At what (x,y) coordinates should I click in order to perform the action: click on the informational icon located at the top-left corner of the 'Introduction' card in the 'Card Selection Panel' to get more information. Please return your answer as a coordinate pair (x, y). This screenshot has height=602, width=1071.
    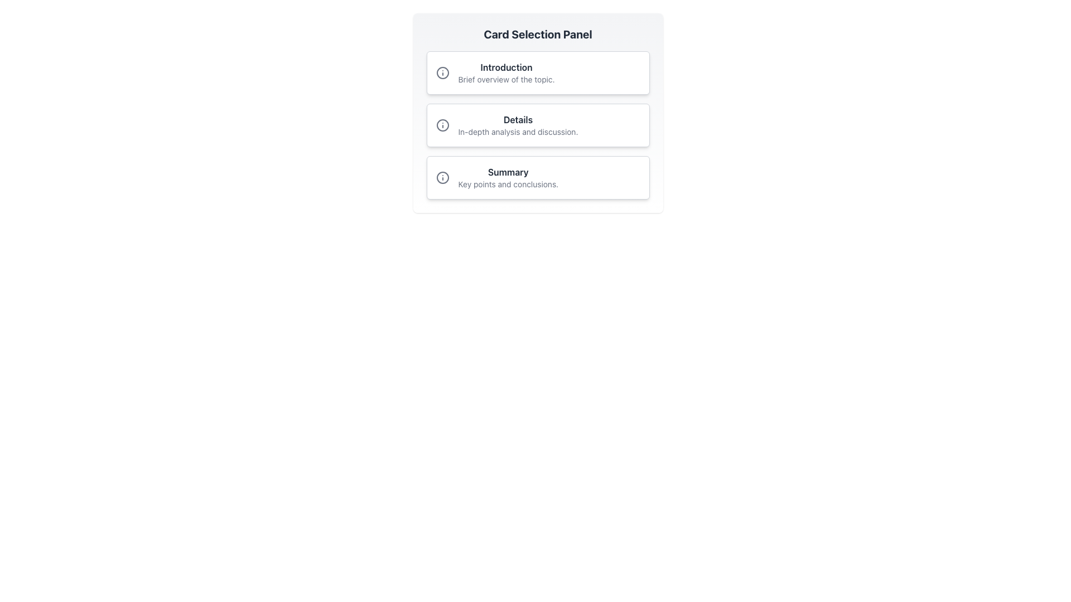
    Looking at the image, I should click on (442, 73).